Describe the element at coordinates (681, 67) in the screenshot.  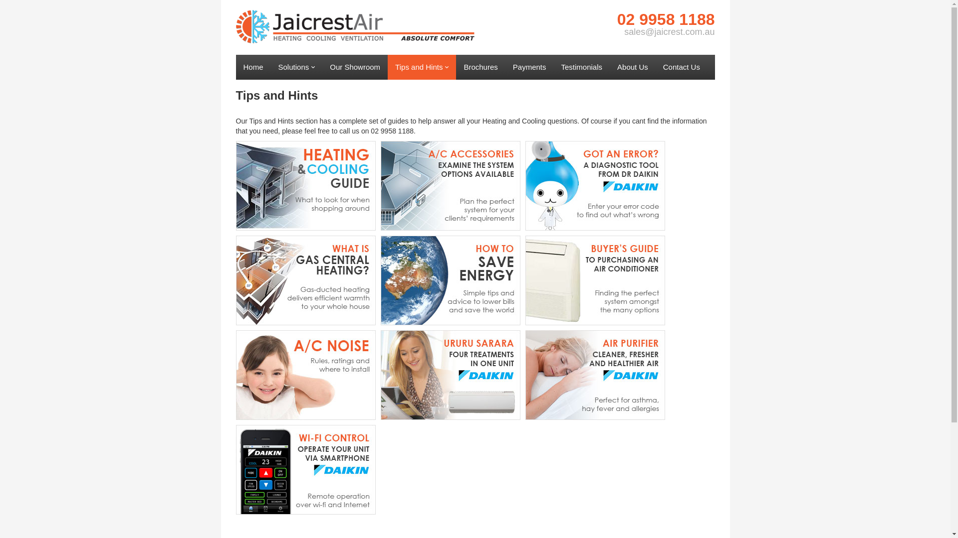
I see `'Contact Us'` at that location.